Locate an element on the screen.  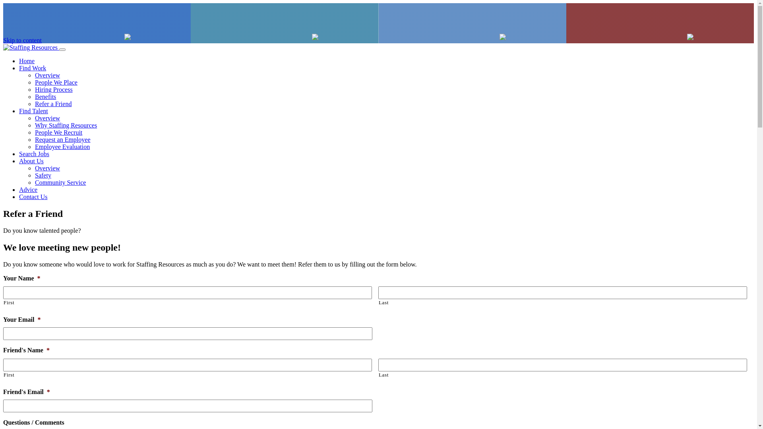
'Employee Evaluation' is located at coordinates (62, 147).